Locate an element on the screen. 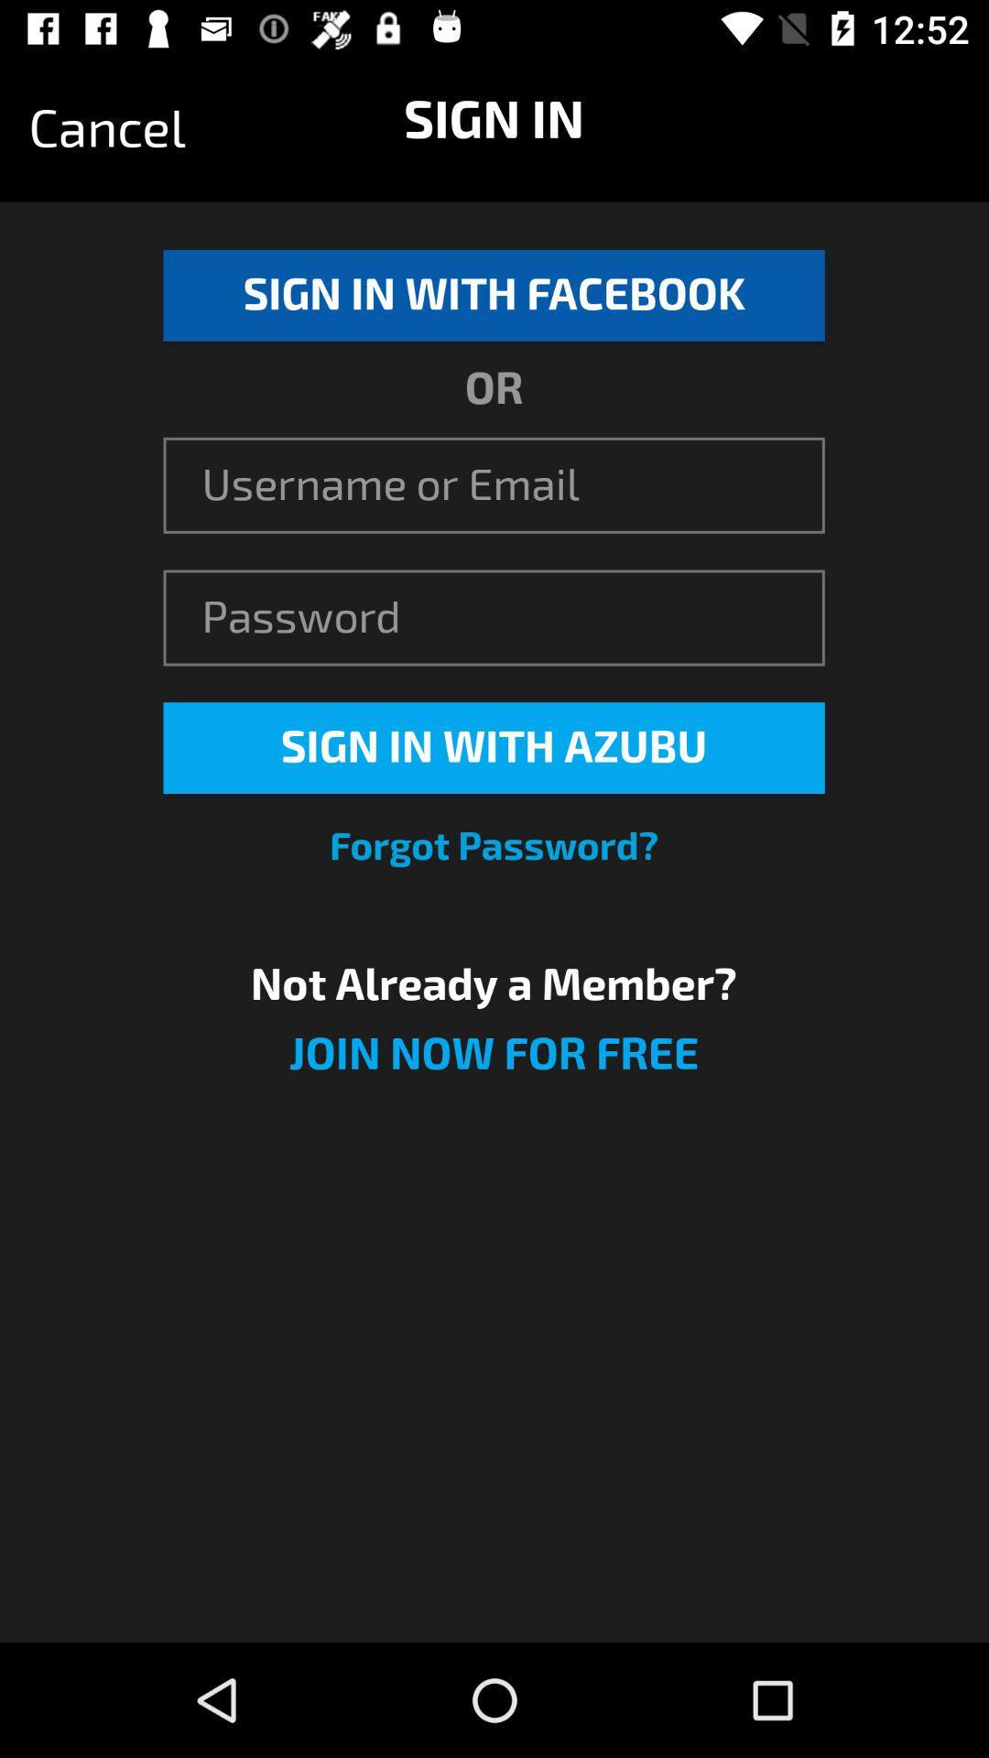 The height and width of the screenshot is (1758, 989). the item above the sign in with icon is located at coordinates (107, 128).